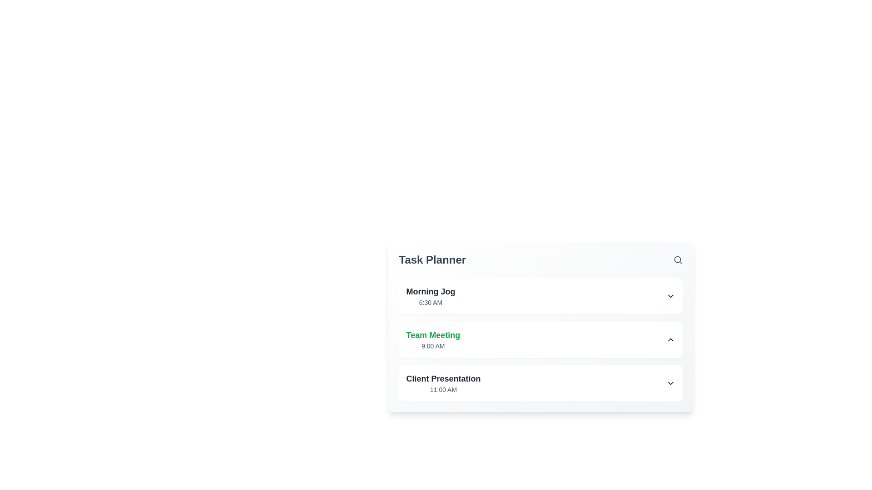  What do you see at coordinates (670, 296) in the screenshot?
I see `the downwards chevron-shaped icon located at the far right side of the 'Morning Jog 6:30 AM' row` at bounding box center [670, 296].